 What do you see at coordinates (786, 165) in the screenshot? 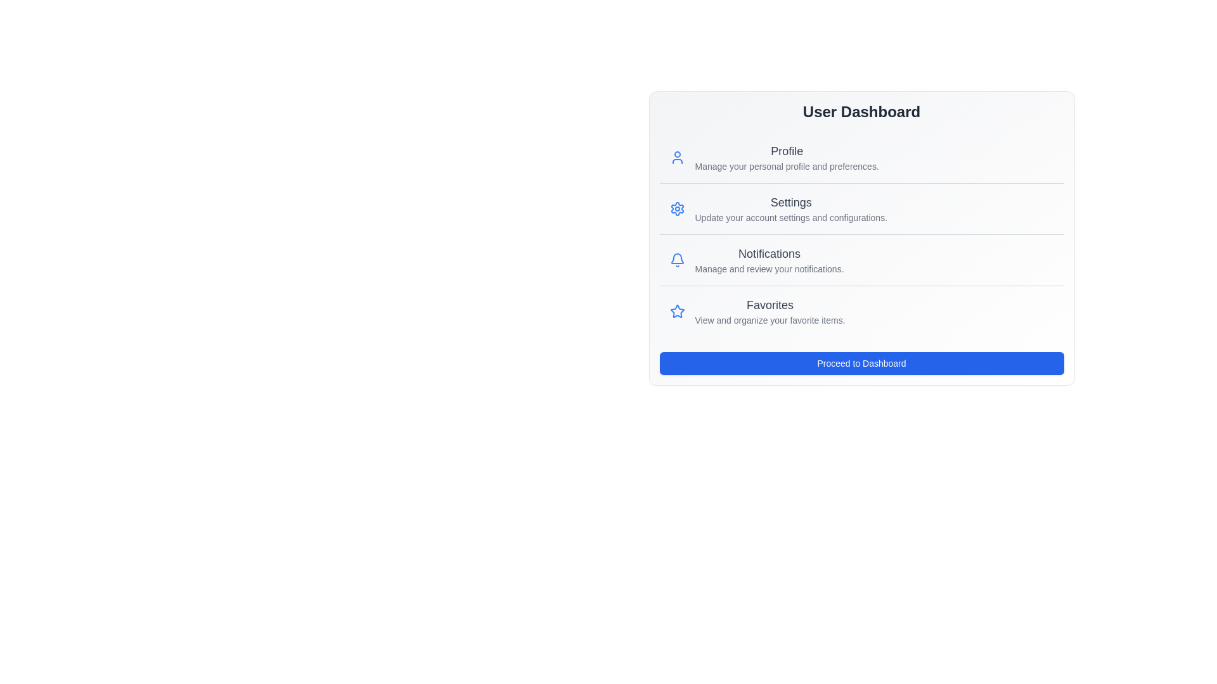
I see `the Text Description element located directly below the 'Profile' label and icon in the top-left quadrant of the user dashboard` at bounding box center [786, 165].